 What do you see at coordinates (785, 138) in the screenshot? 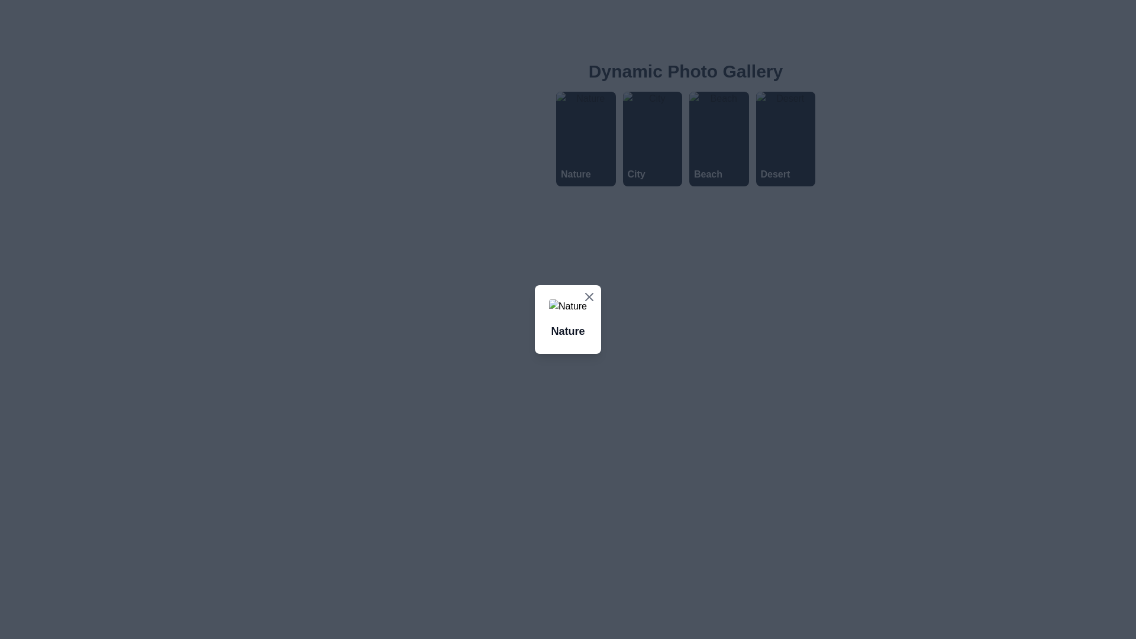
I see `the Image Card representing the 'Desert' category, which is the fourth card in a row of four cards aligned horizontally` at bounding box center [785, 138].